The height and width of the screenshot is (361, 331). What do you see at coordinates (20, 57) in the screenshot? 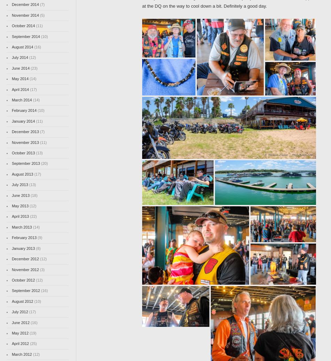
I see `'July 2014'` at bounding box center [20, 57].